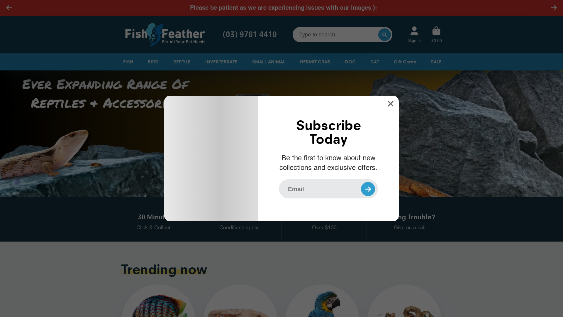 The height and width of the screenshot is (317, 563). I want to click on 'DOG', so click(349, 62).